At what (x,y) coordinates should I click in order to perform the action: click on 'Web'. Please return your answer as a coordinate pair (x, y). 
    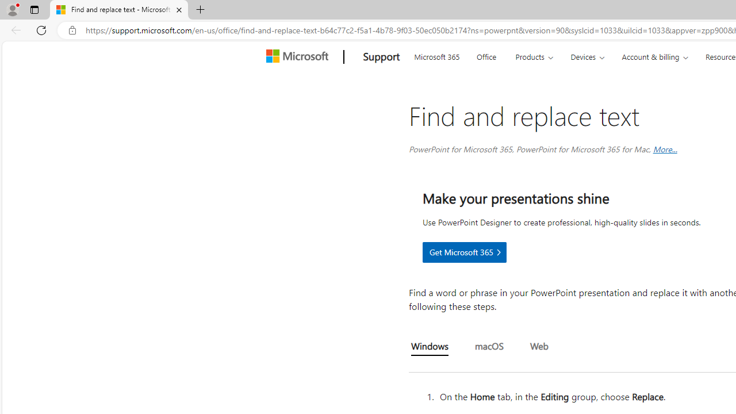
    Looking at the image, I should click on (538, 346).